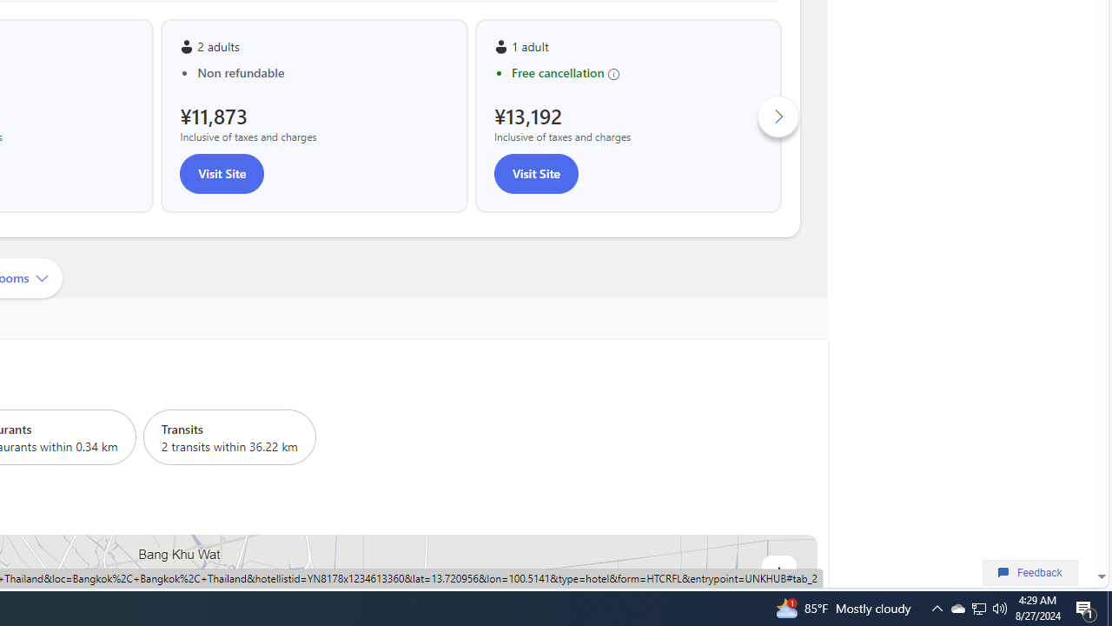 Image resolution: width=1112 pixels, height=626 pixels. I want to click on 'Non refundable', so click(322, 71).